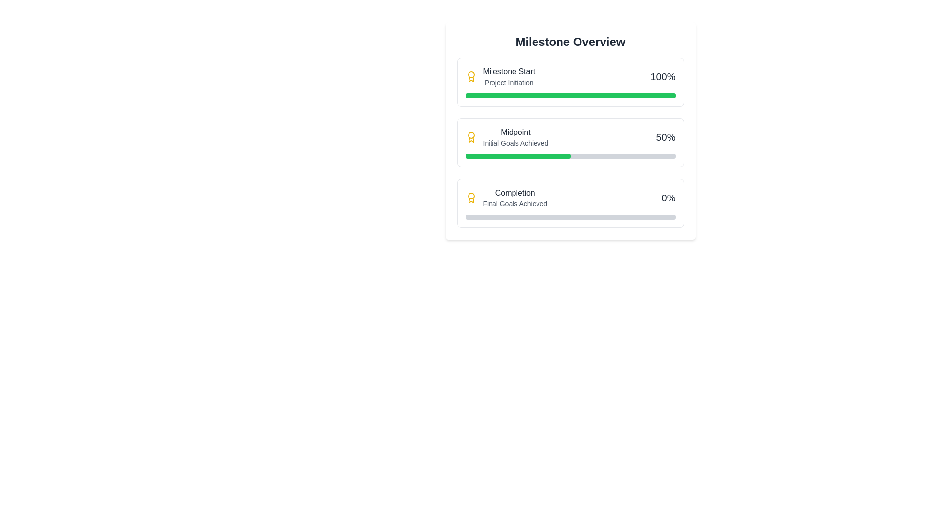  I want to click on the lower decorative ribbon of the award icon within the SVG component located at the bottom part of the medal representation, so click(471, 200).